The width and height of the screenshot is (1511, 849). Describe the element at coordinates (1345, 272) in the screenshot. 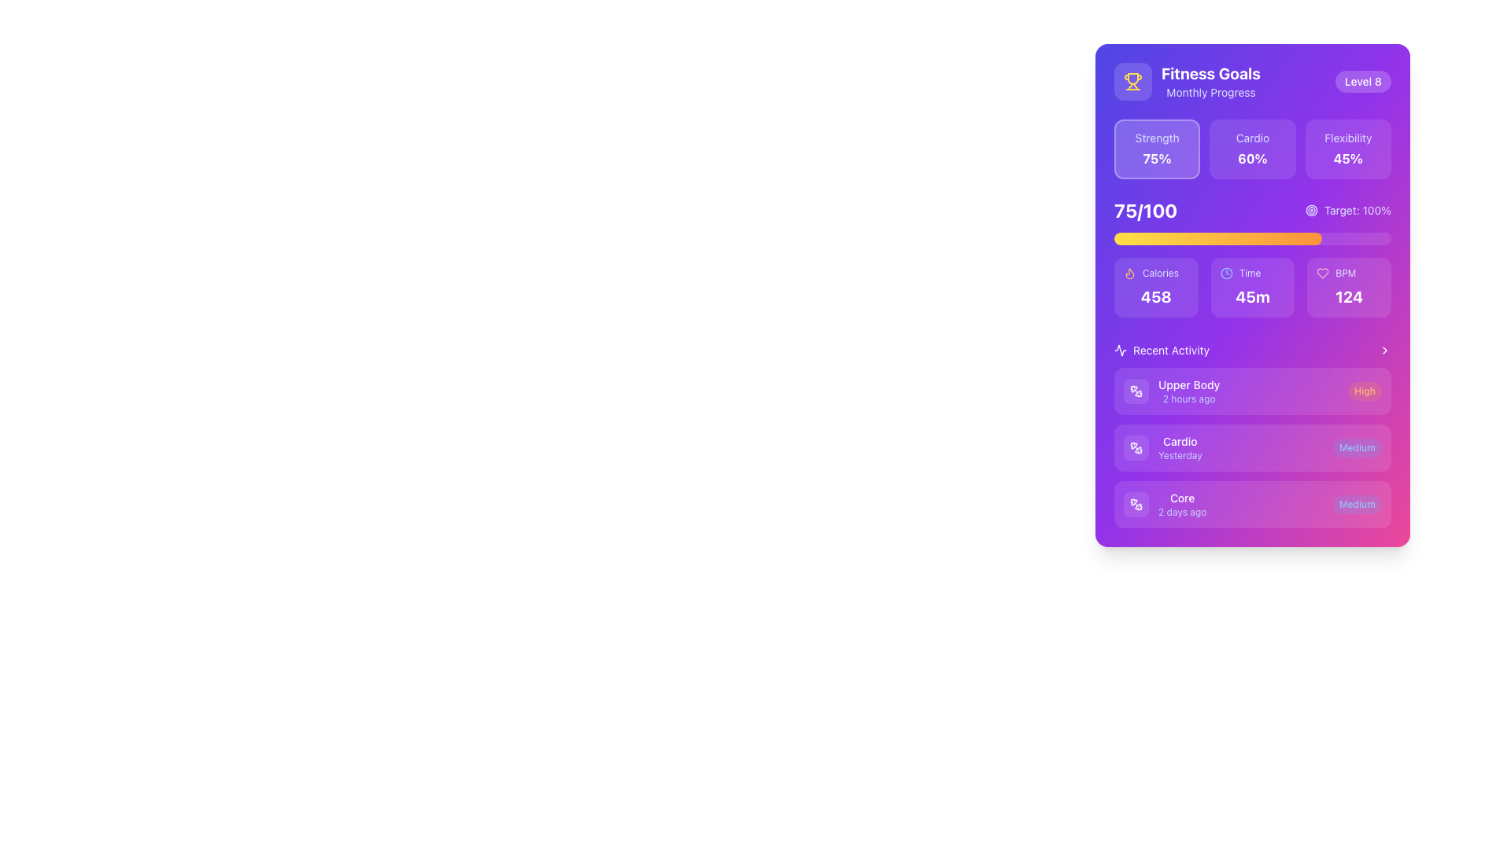

I see `the 'BPM' text label, which is displayed in a small white font on a purple background, located to the right of the pink heart icon in the fitness goals metrics section` at that location.